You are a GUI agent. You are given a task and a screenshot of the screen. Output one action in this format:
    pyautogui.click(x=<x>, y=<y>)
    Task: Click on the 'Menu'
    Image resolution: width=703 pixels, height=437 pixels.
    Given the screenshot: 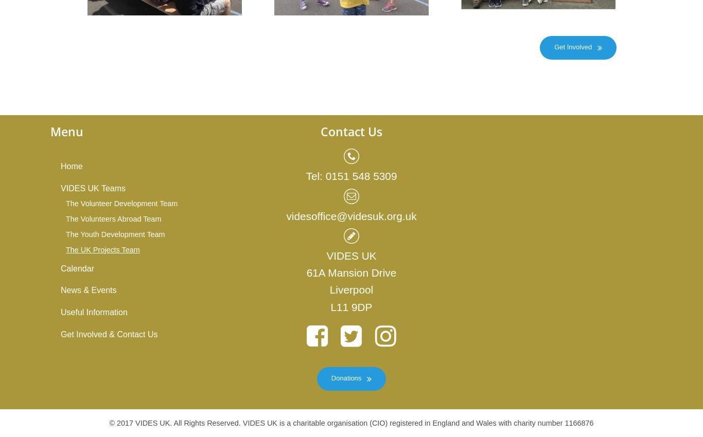 What is the action you would take?
    pyautogui.click(x=66, y=131)
    